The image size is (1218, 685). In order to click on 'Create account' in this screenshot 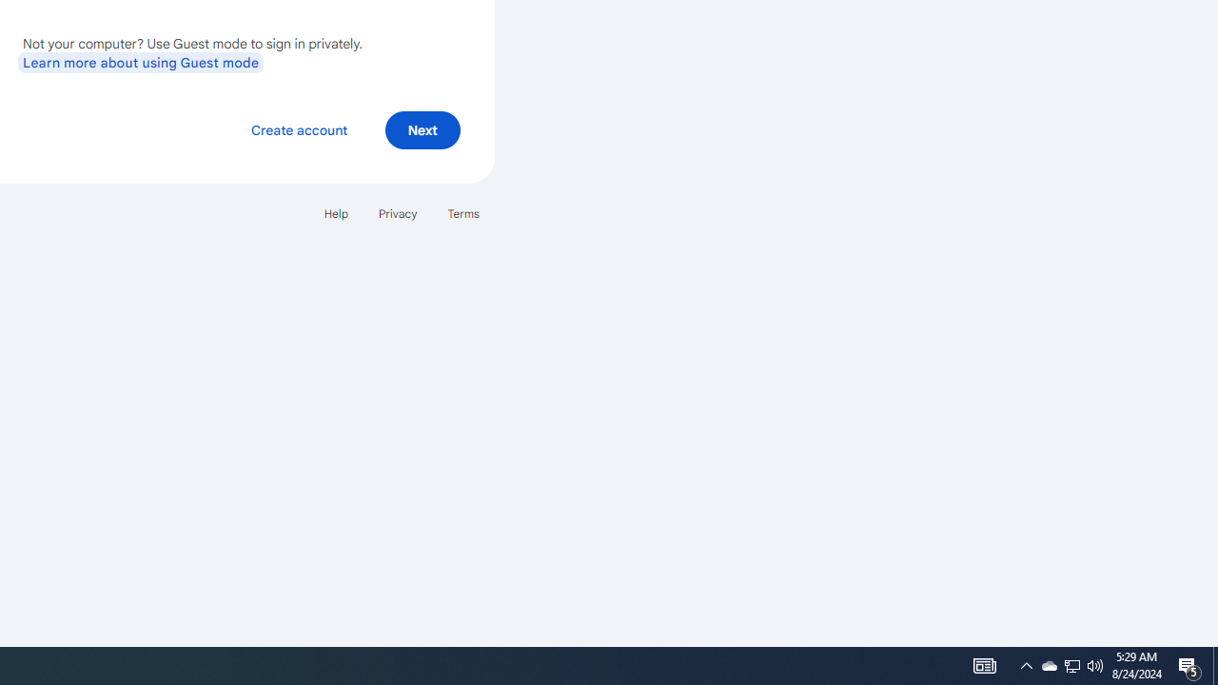, I will do `click(298, 128)`.